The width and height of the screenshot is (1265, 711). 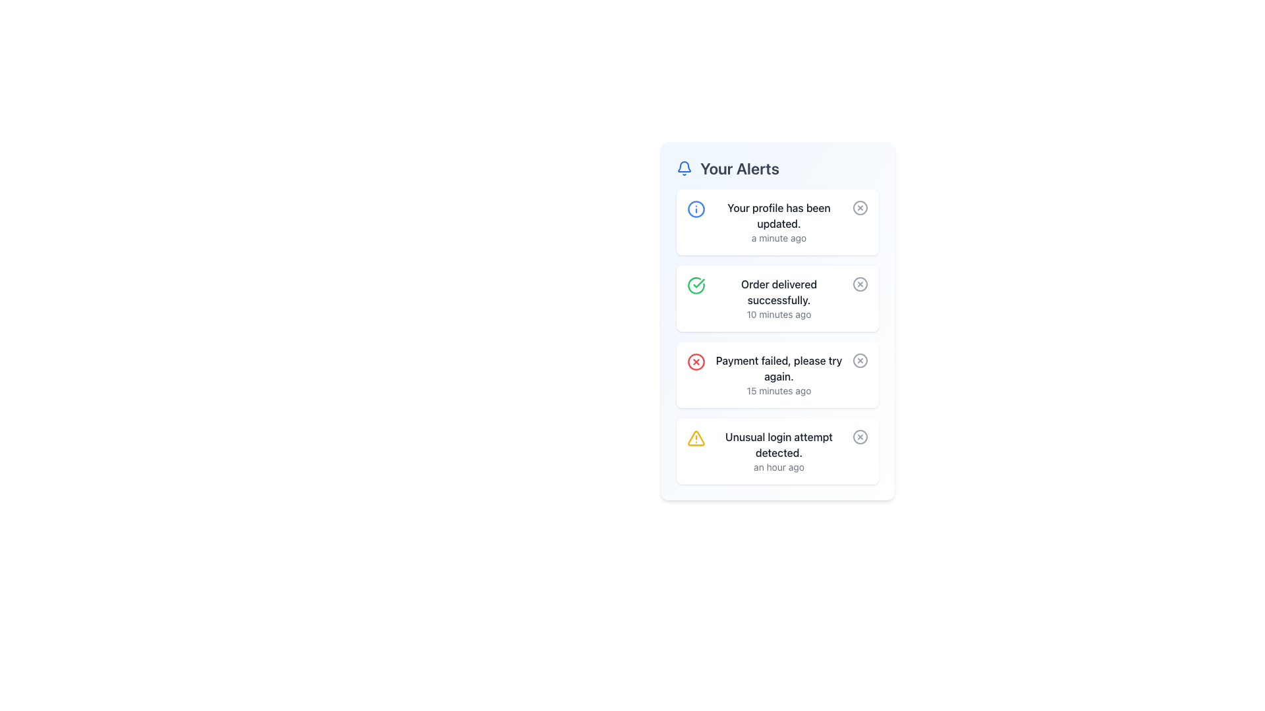 What do you see at coordinates (695, 208) in the screenshot?
I see `the circular outline of the info icon located in the top-left corner of the alerts section, which visually distinguishes the alert it represents` at bounding box center [695, 208].